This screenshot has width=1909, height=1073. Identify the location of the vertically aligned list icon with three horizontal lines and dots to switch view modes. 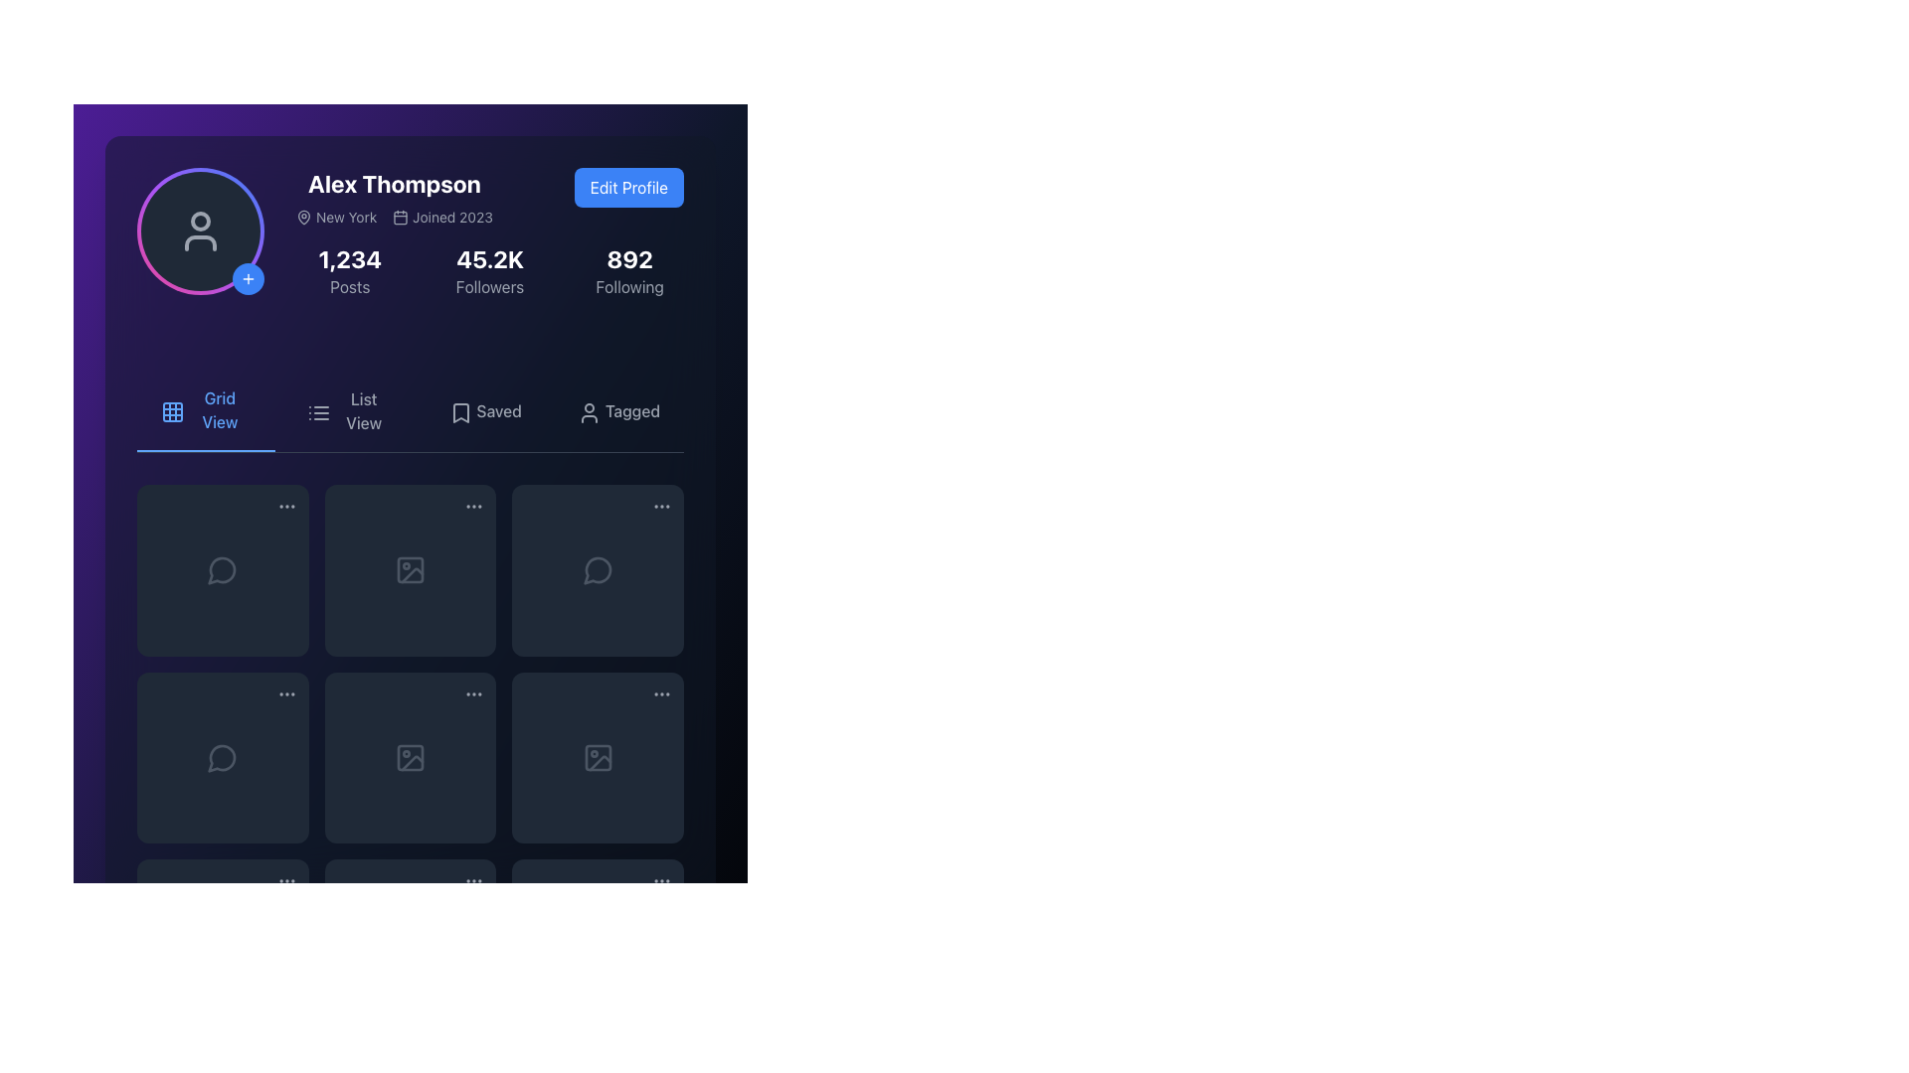
(318, 412).